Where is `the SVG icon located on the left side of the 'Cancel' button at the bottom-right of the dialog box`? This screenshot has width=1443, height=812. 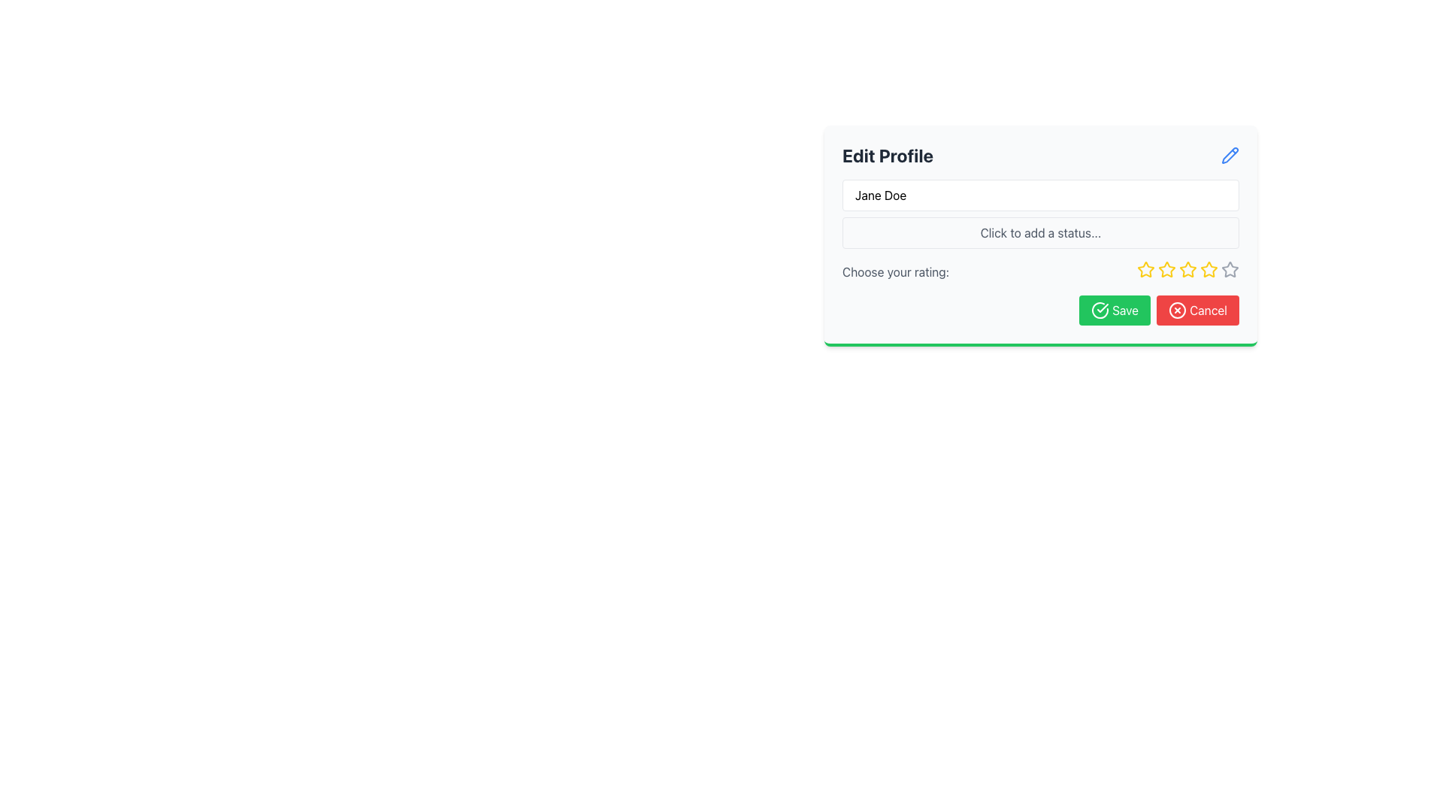 the SVG icon located on the left side of the 'Cancel' button at the bottom-right of the dialog box is located at coordinates (1177, 309).